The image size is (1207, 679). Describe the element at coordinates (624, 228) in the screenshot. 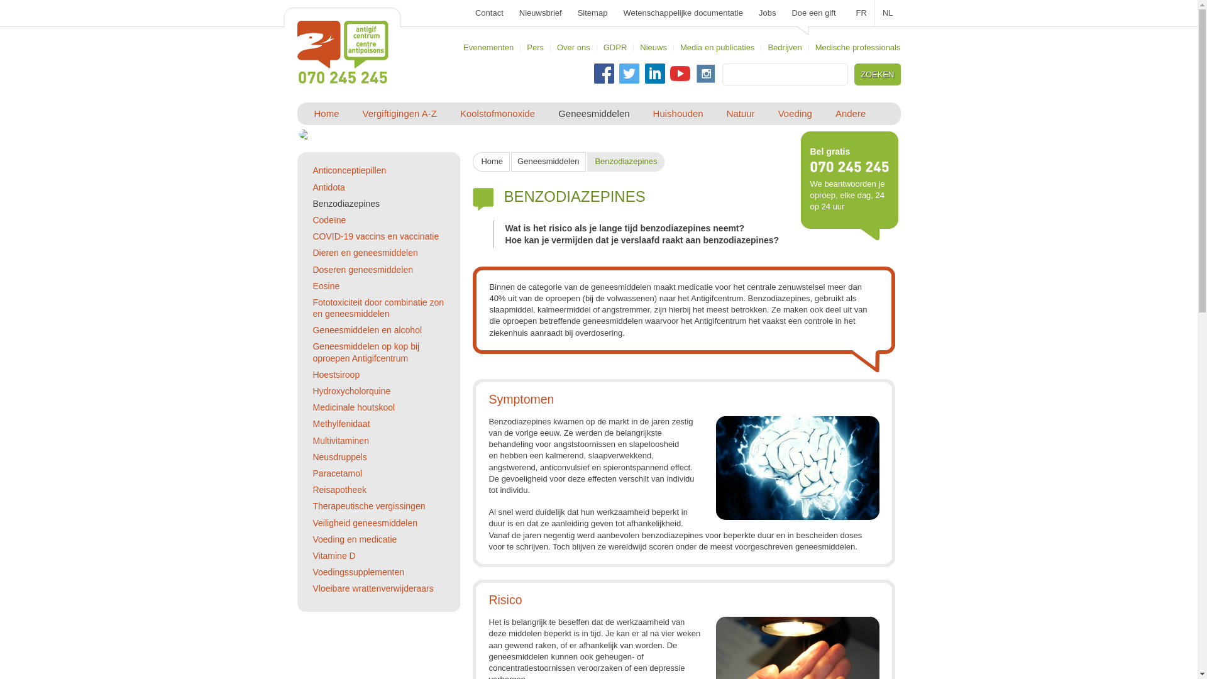

I see `'Wat is het risico als je lange tijd benzodiazepines neemt?'` at that location.